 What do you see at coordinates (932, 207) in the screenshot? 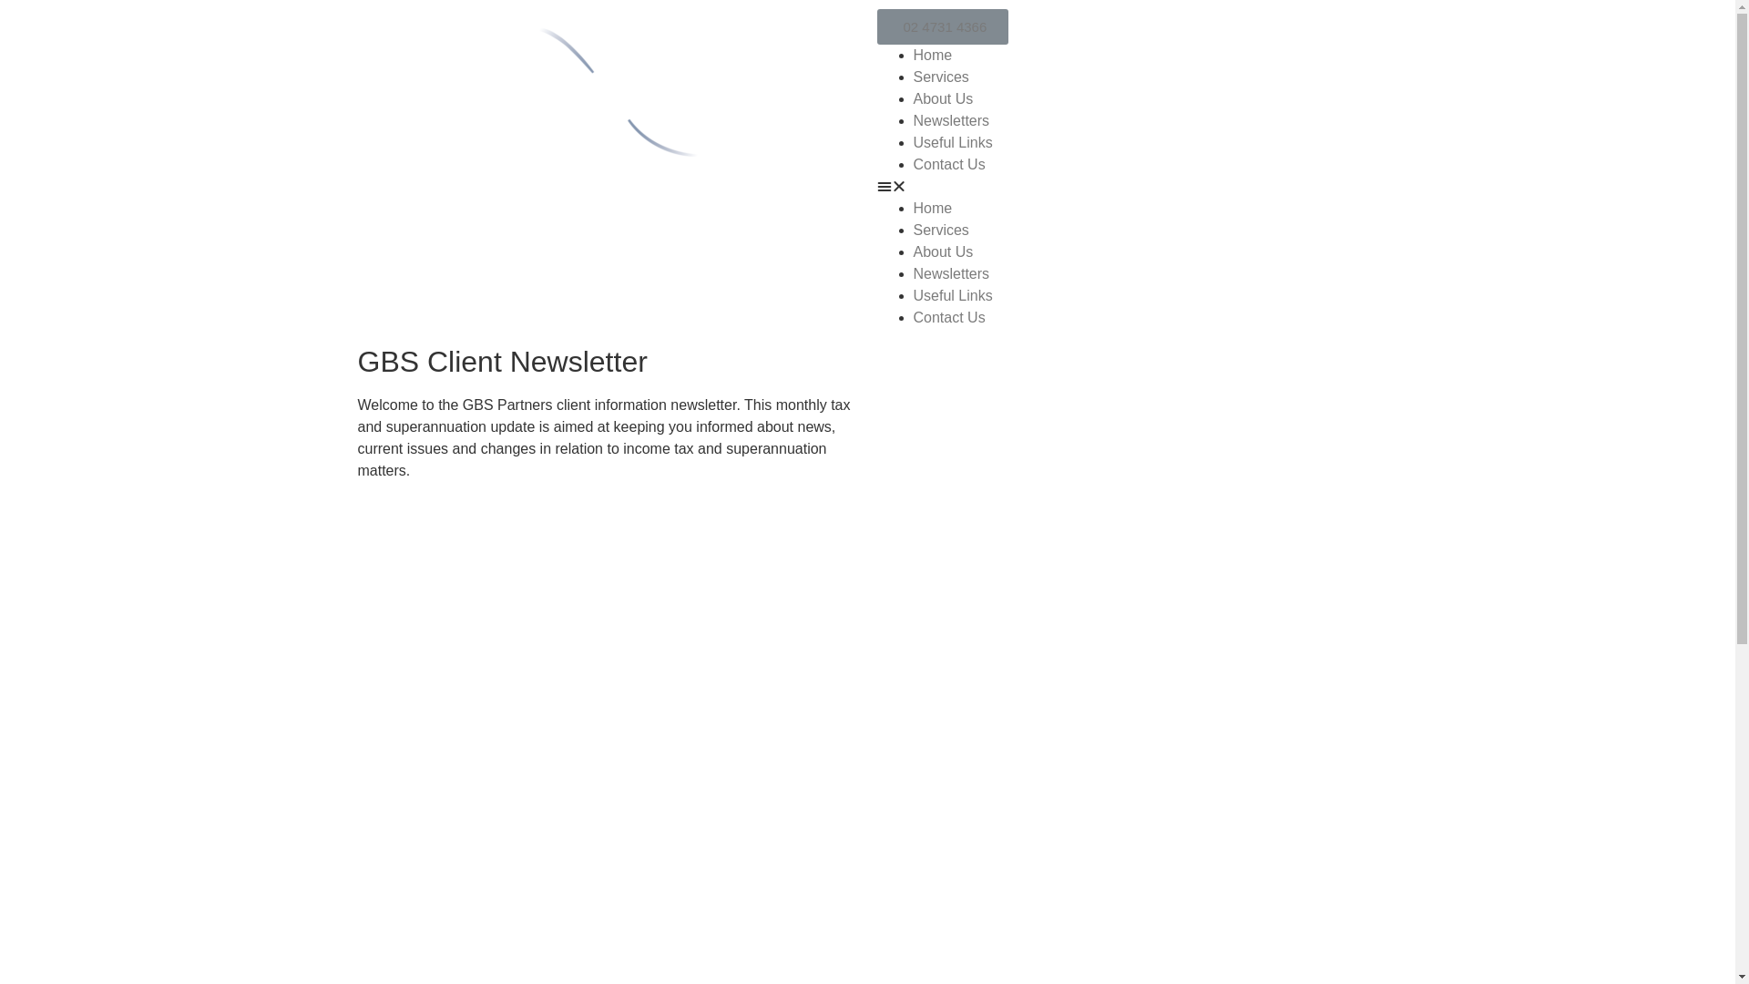
I see `'Home'` at bounding box center [932, 207].